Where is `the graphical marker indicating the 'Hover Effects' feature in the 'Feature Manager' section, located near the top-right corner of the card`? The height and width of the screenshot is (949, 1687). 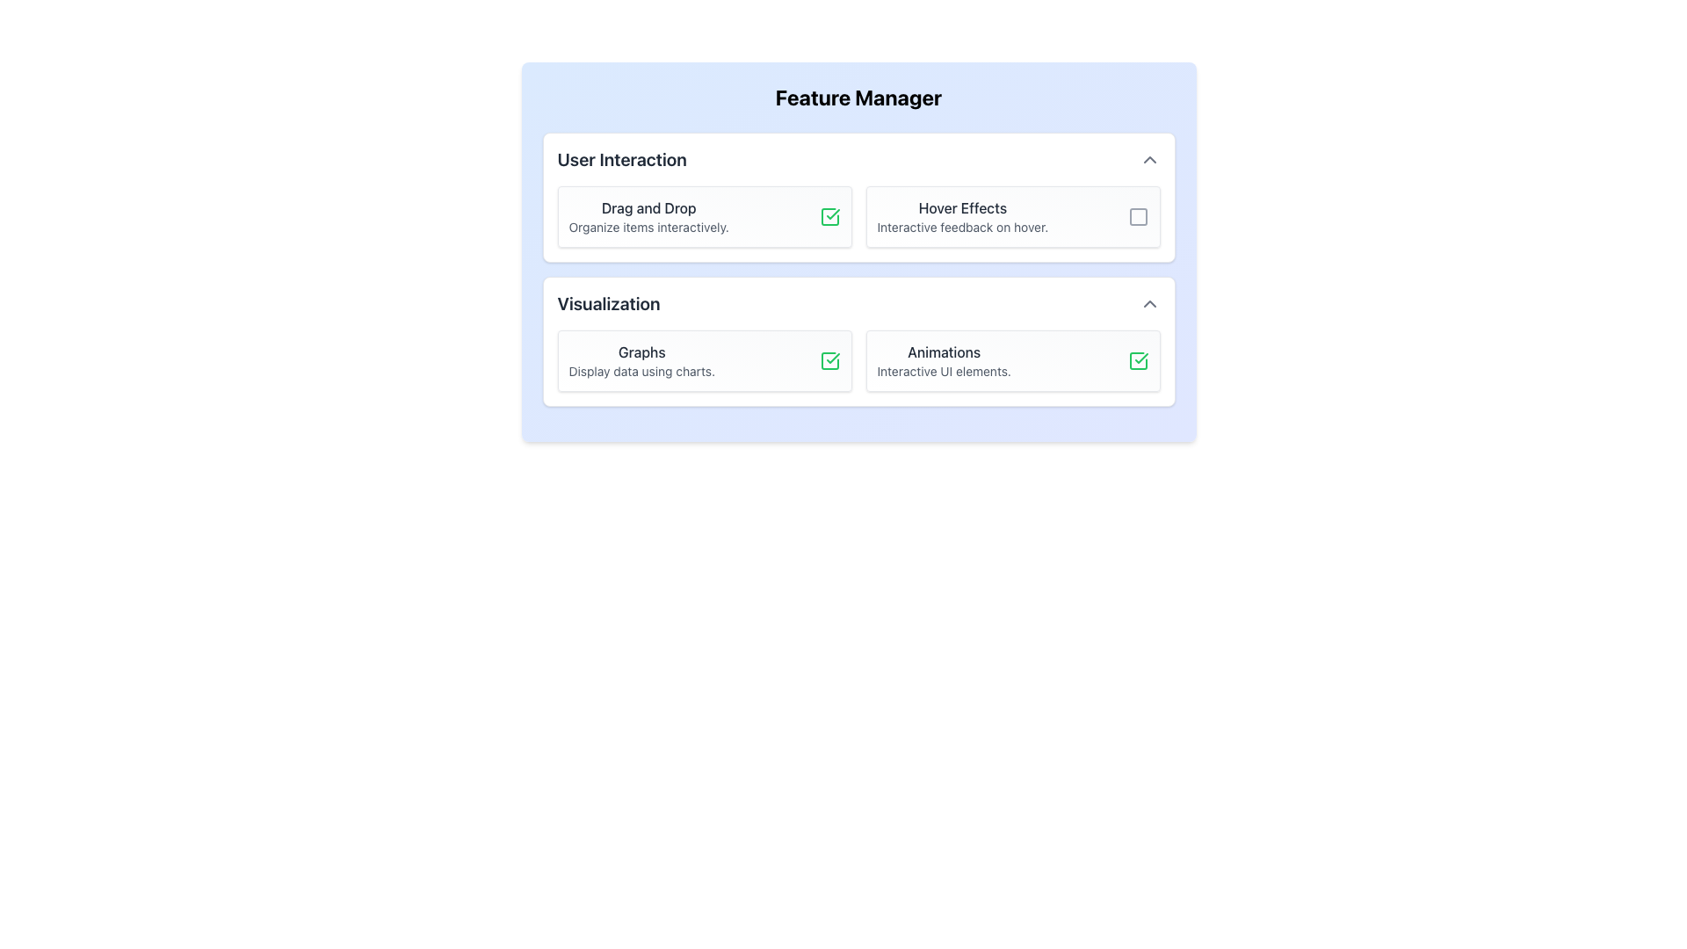 the graphical marker indicating the 'Hover Effects' feature in the 'Feature Manager' section, located near the top-right corner of the card is located at coordinates (1138, 215).